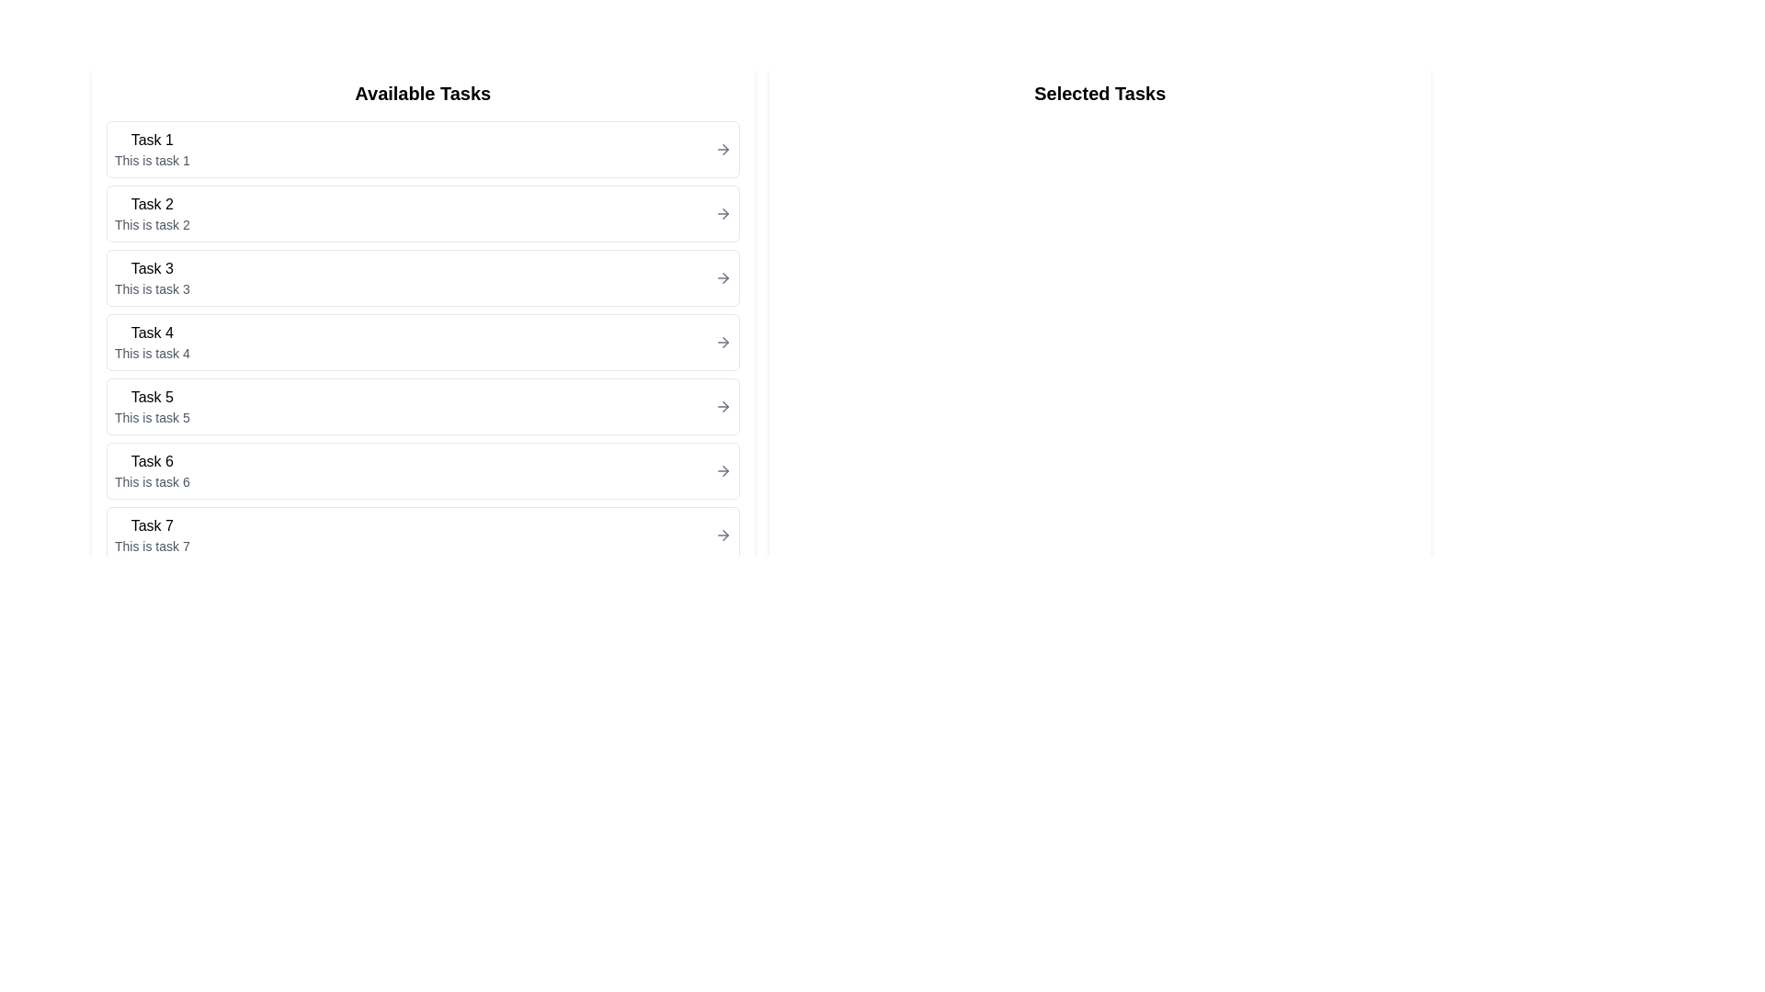 The width and height of the screenshot is (1765, 992). Describe the element at coordinates (152, 470) in the screenshot. I see `the Text block element labeled 'Task 6', which consists of two lines of text` at that location.